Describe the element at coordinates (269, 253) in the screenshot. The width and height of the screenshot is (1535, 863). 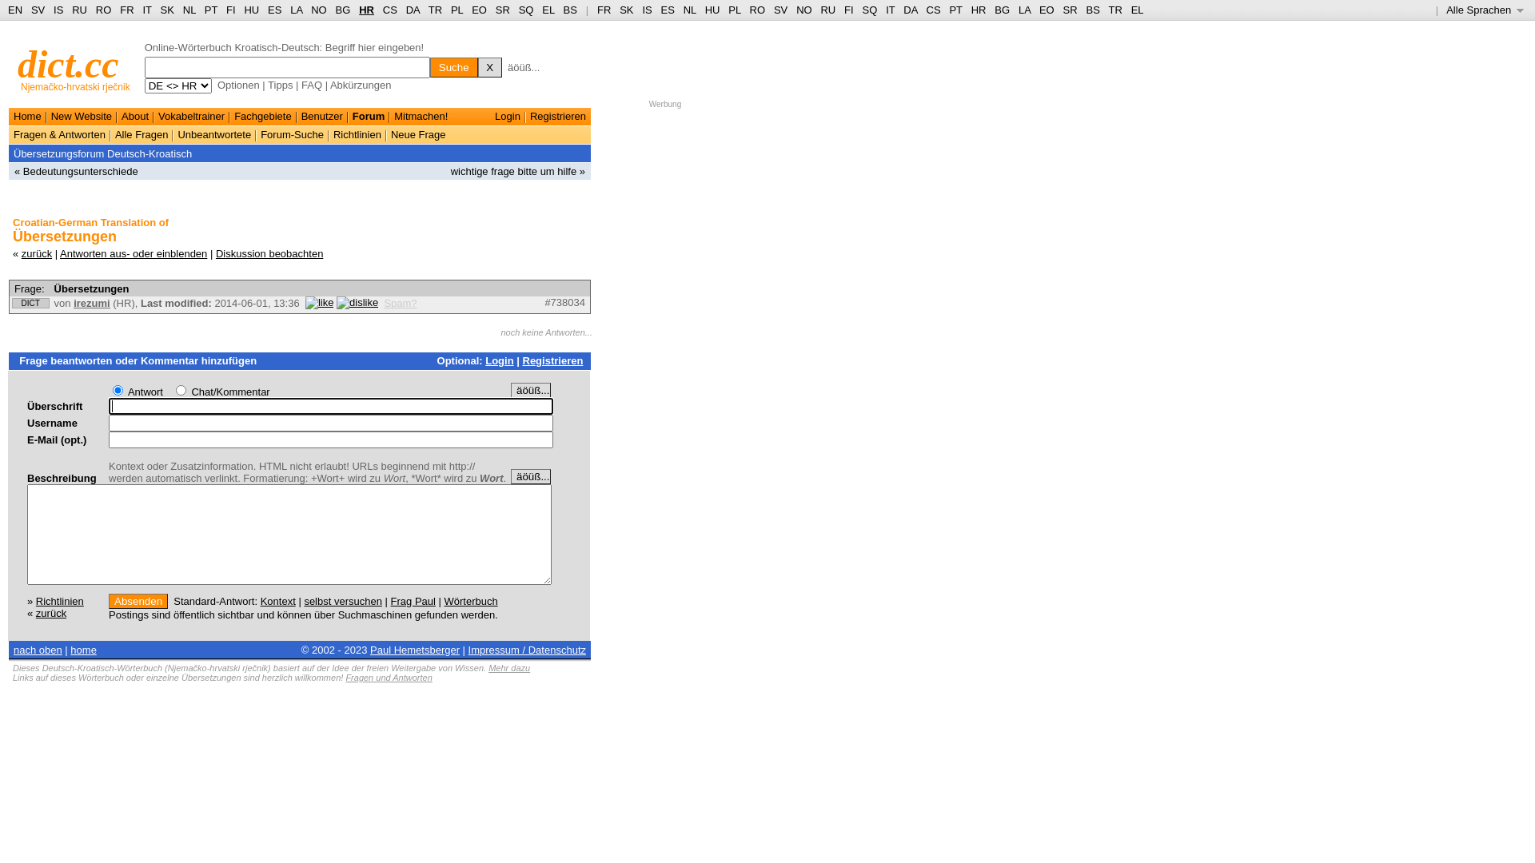
I see `'Diskussion beobachten'` at that location.